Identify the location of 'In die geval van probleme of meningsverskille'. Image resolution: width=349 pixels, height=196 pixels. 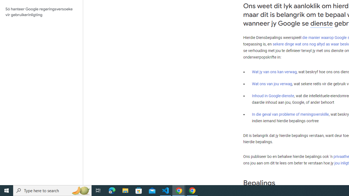
(290, 114).